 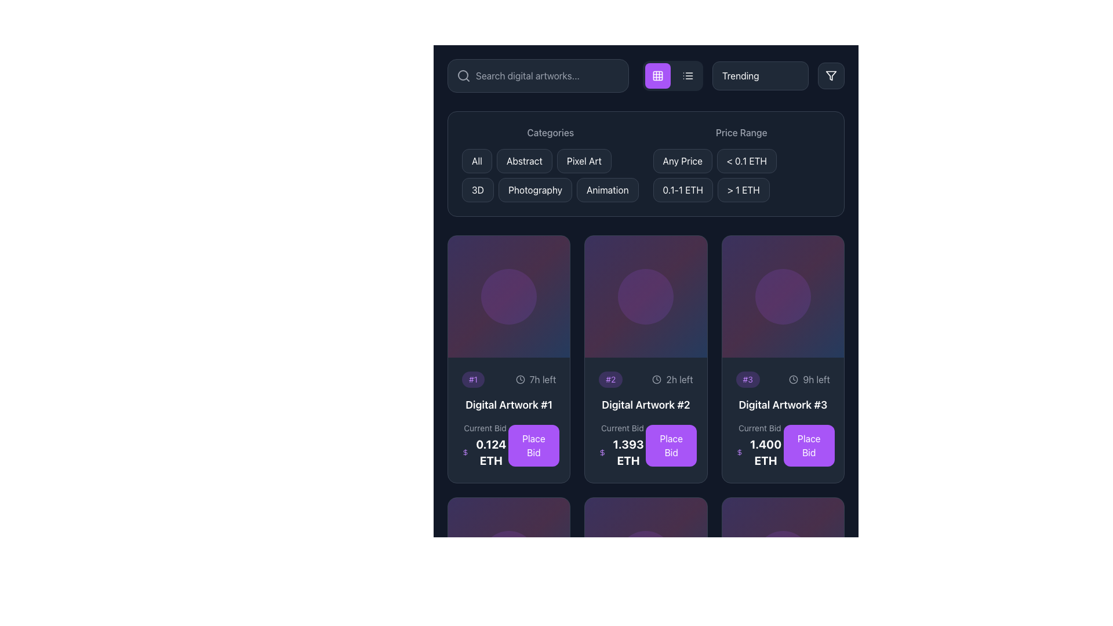 I want to click on the Toggle group containing two buttons, styled with a dark gray background and rounded corners, so click(x=673, y=76).